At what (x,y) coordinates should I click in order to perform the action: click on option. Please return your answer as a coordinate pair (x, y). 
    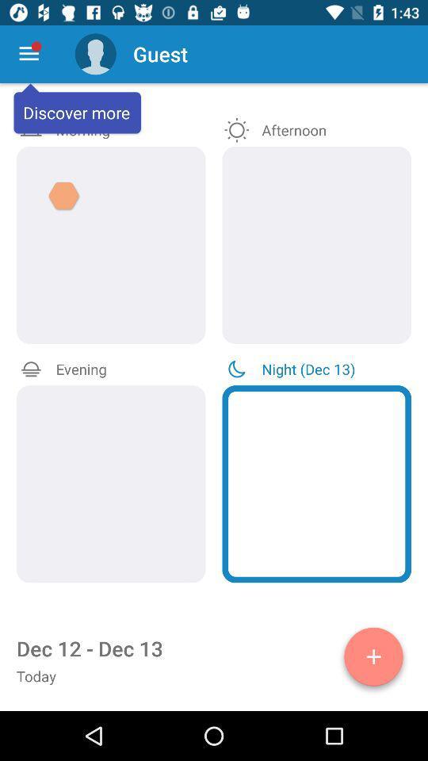
    Looking at the image, I should click on (373, 660).